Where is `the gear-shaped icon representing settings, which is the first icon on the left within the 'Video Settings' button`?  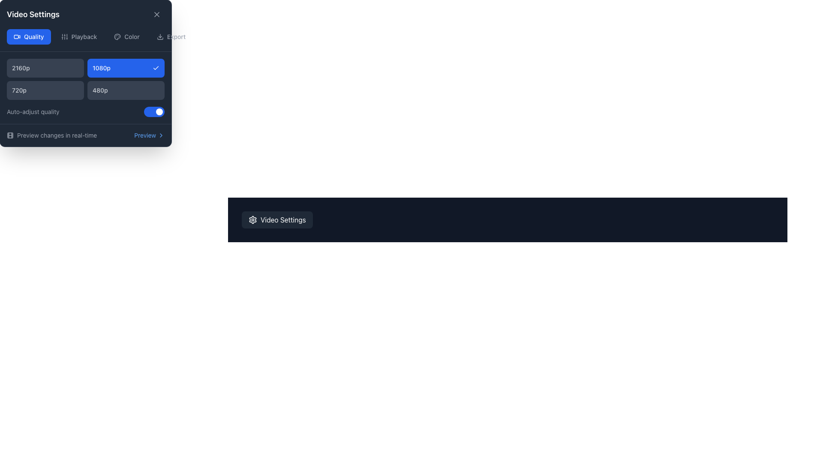 the gear-shaped icon representing settings, which is the first icon on the left within the 'Video Settings' button is located at coordinates (252, 219).